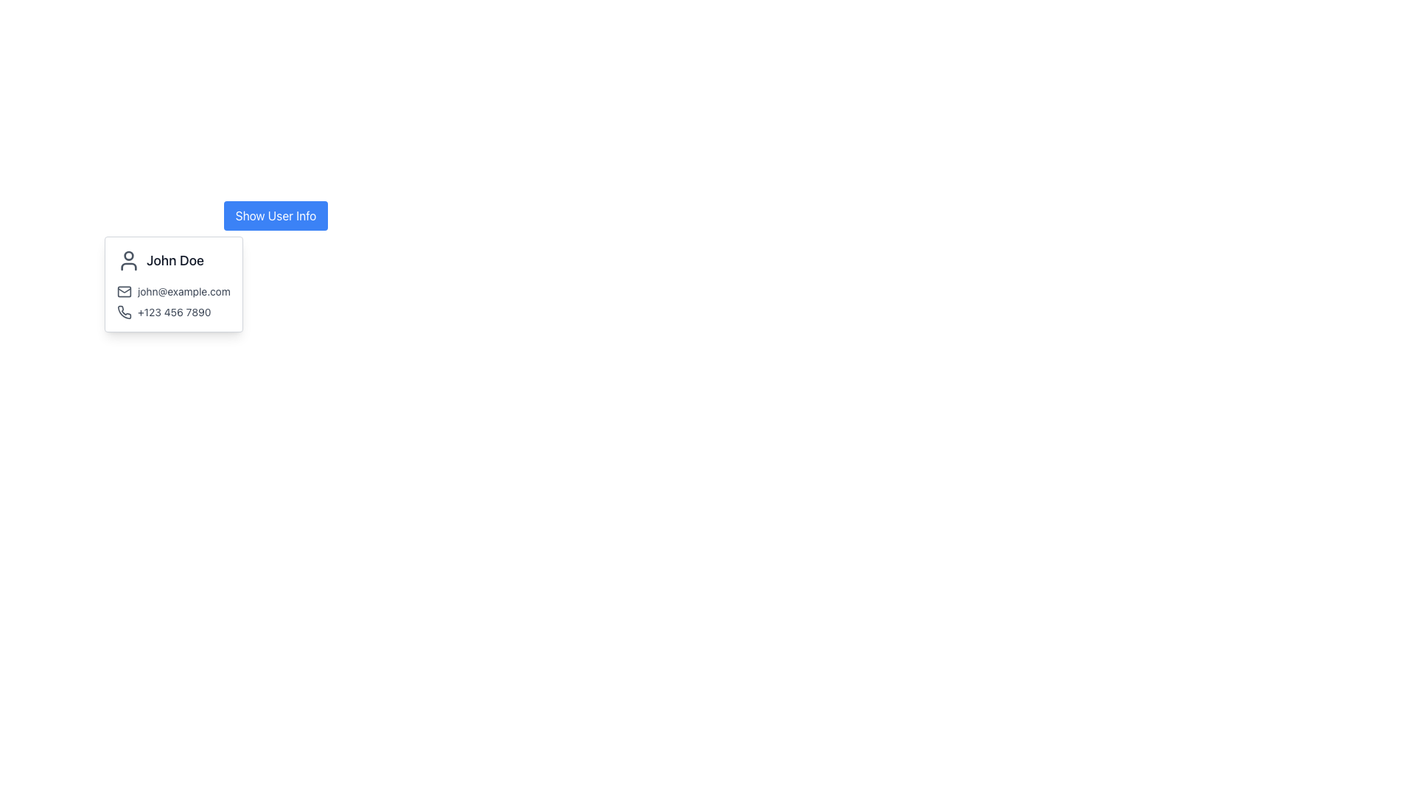 The width and height of the screenshot is (1415, 796). I want to click on the phone number text label displaying '+123 456 7890', which is the third entry in the contact information list on the user information card, so click(174, 312).